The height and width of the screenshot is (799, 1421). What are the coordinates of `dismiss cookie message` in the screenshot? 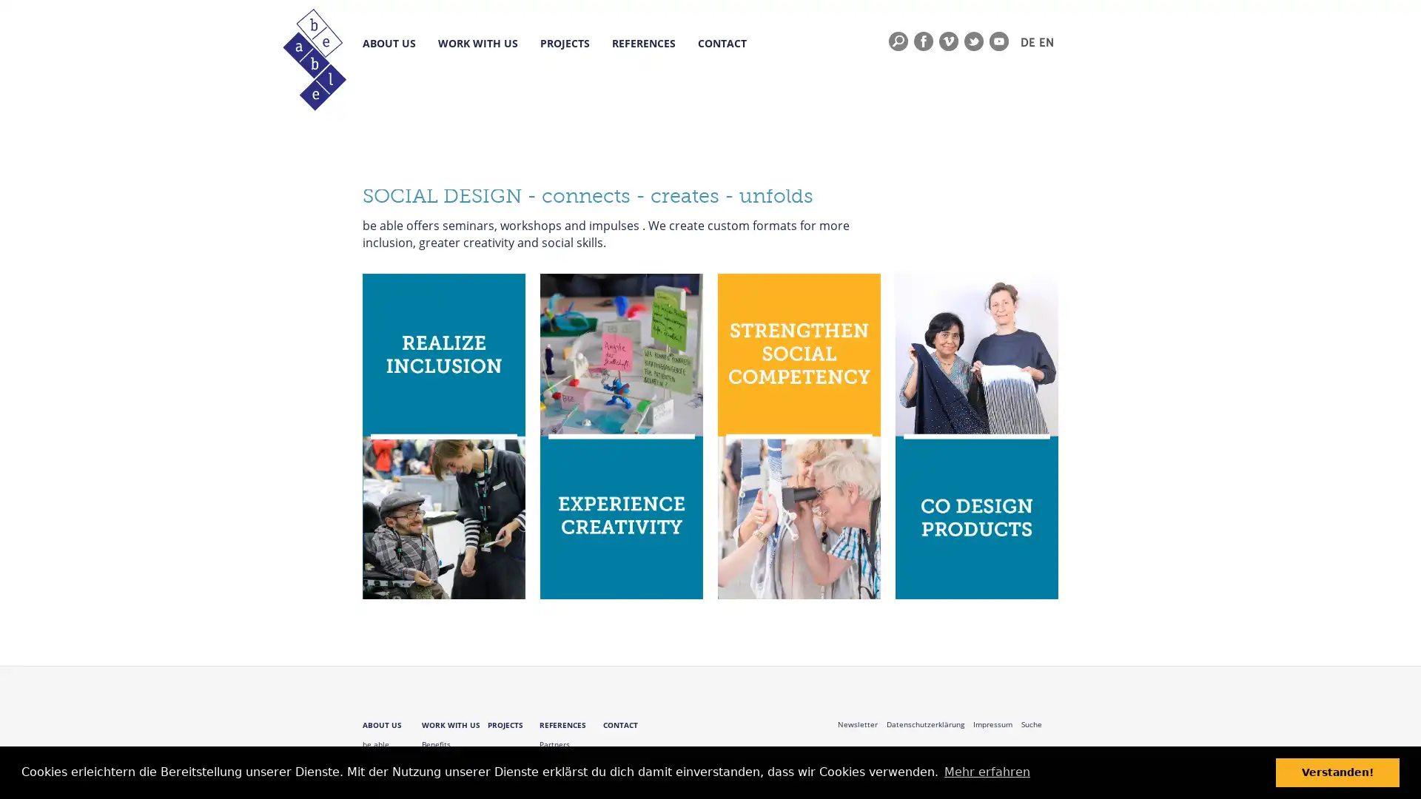 It's located at (1337, 772).